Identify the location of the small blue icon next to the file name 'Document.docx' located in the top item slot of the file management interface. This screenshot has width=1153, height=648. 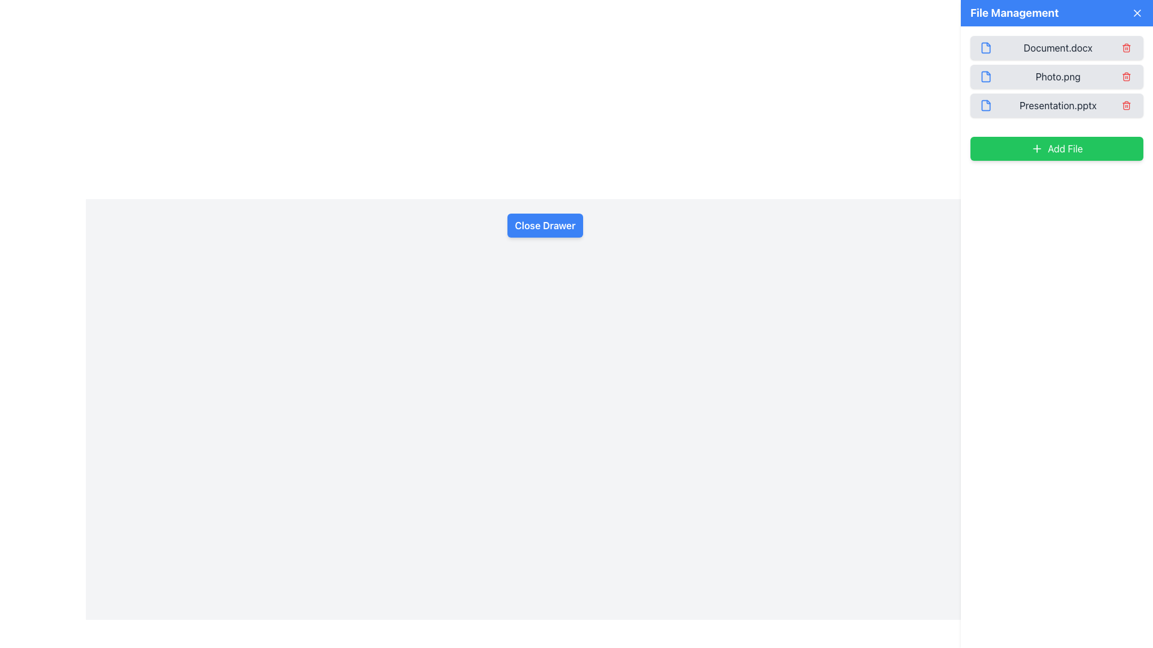
(985, 47).